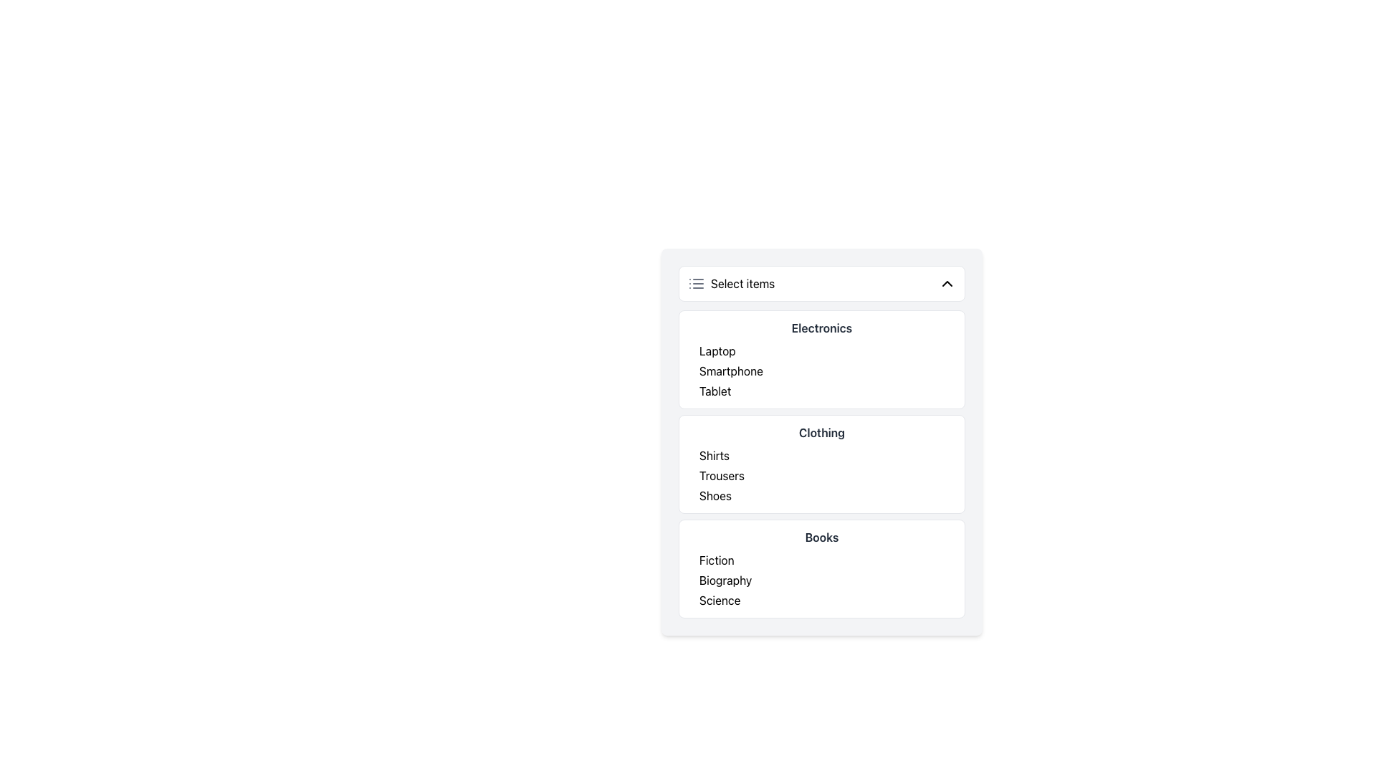  I want to click on the 'Biography' text label which is the second item in the 'Books' section of the dropdown list, so click(725, 580).